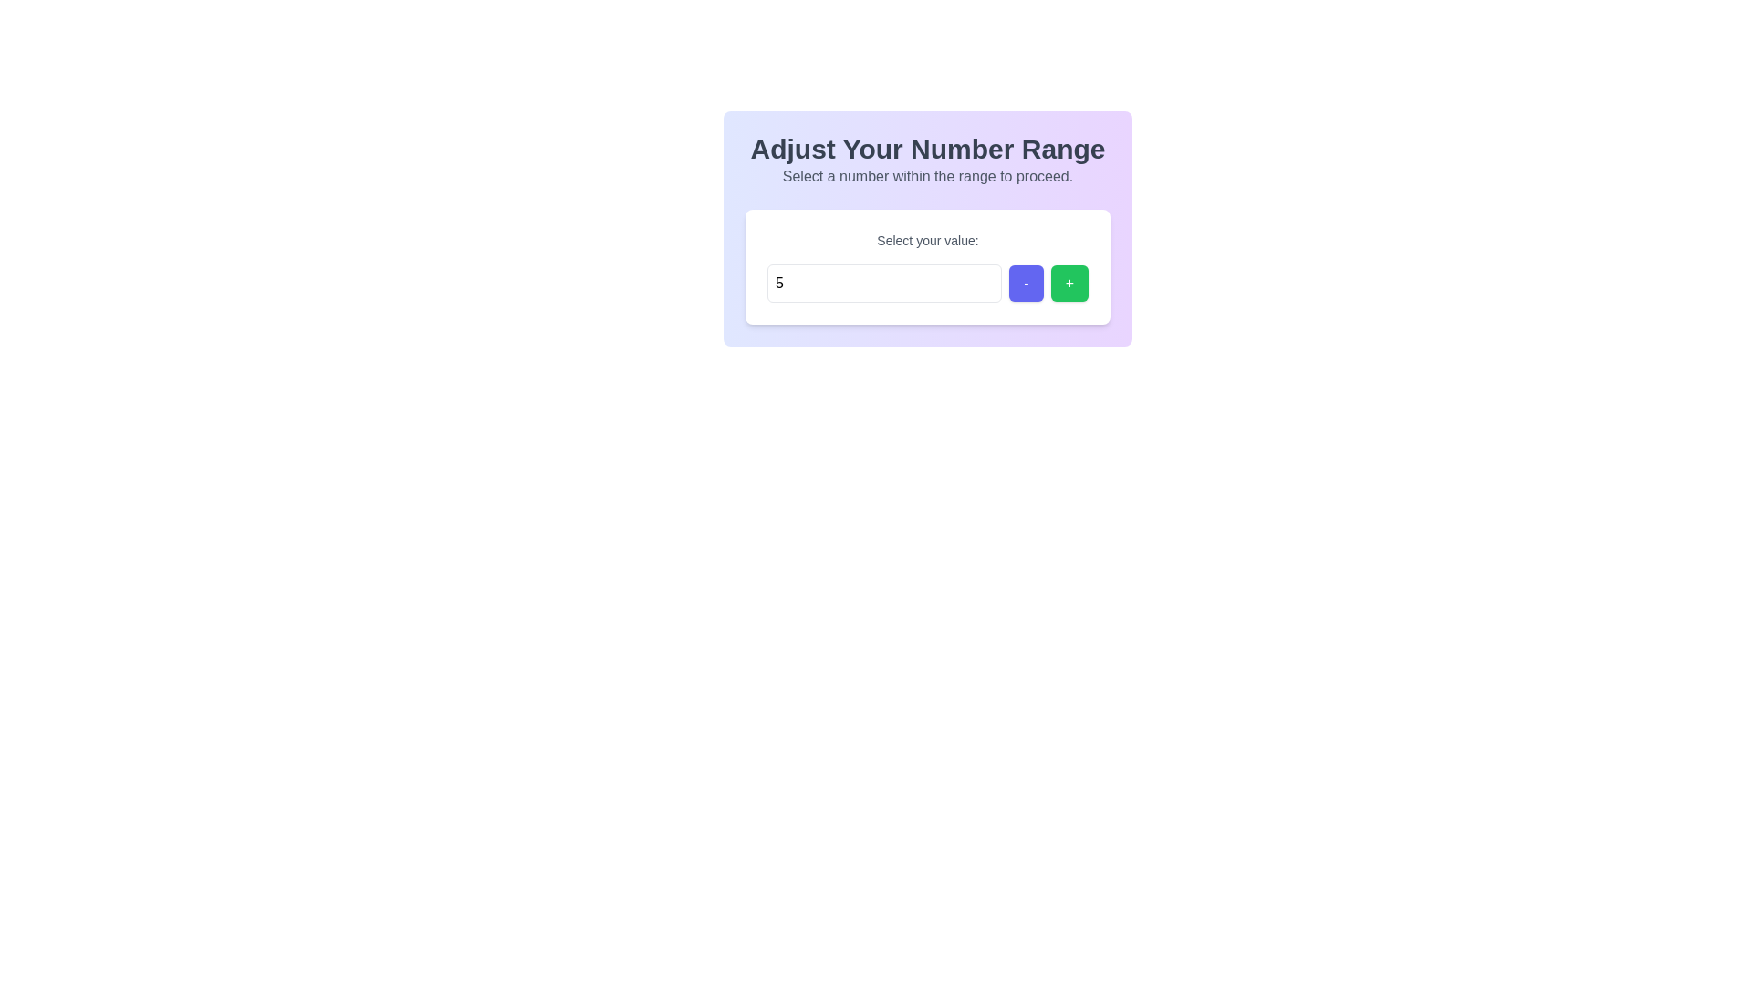  I want to click on the indigo button with a '-' symbol to decrease the value, which is the middle button in a flexbox layout containing three elements, so click(1026, 284).